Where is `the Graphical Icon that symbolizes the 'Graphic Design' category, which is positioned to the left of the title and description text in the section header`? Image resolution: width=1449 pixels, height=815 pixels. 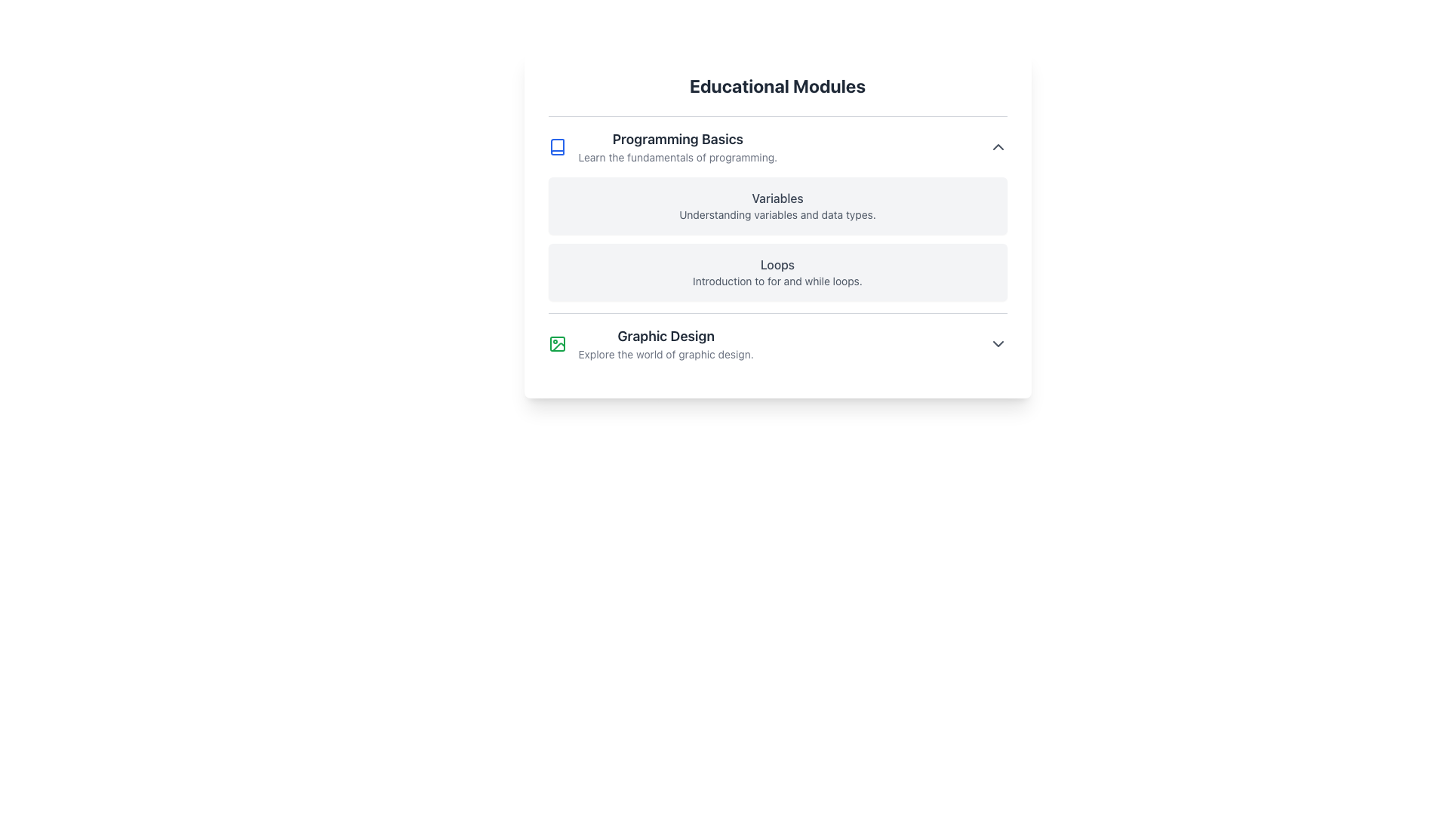
the Graphical Icon that symbolizes the 'Graphic Design' category, which is positioned to the left of the title and description text in the section header is located at coordinates (556, 343).